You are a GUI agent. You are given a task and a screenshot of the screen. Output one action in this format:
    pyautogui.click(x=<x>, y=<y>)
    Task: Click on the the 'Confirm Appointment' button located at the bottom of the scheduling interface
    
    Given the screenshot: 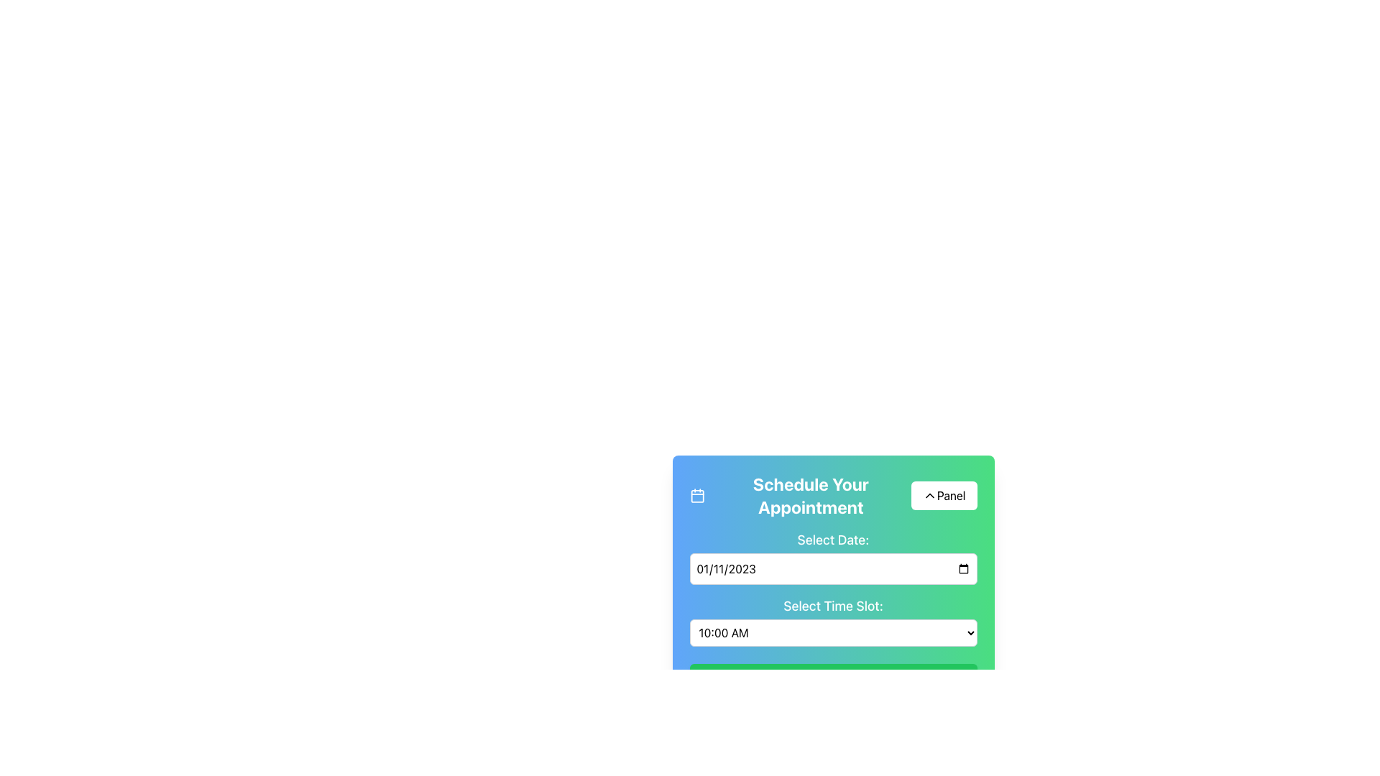 What is the action you would take?
    pyautogui.click(x=833, y=680)
    